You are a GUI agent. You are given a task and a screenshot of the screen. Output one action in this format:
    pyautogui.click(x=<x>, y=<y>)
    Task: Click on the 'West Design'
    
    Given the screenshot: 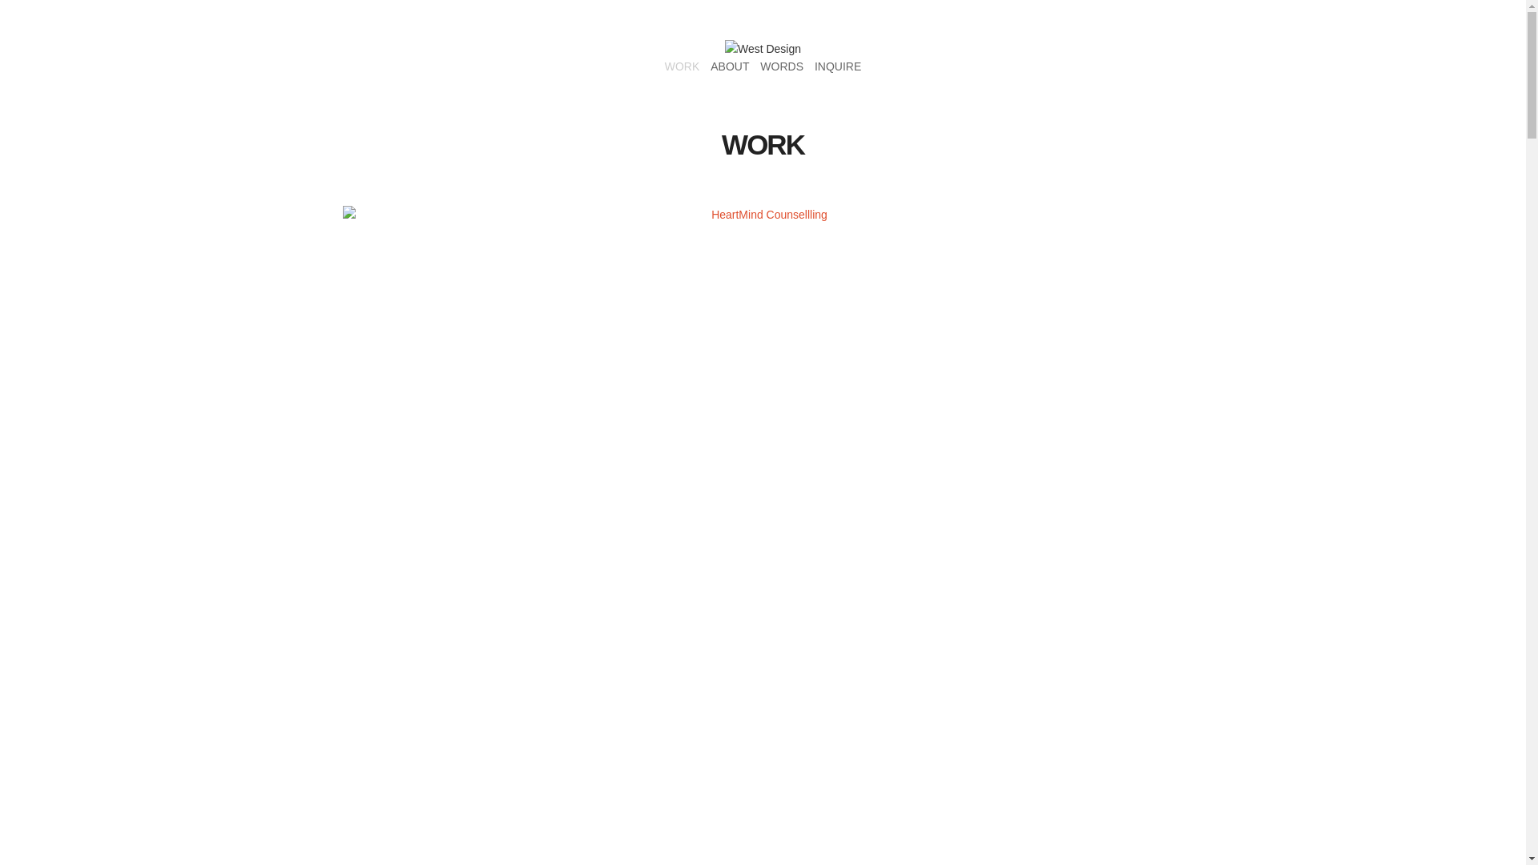 What is the action you would take?
    pyautogui.click(x=762, y=48)
    